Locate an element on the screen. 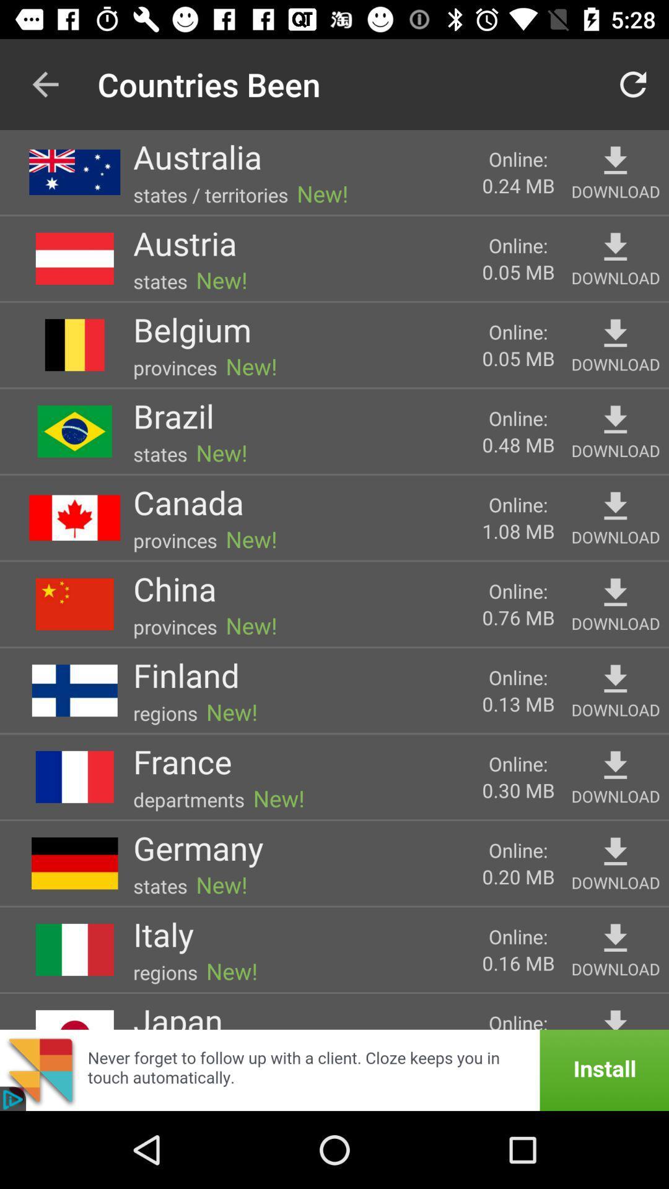 This screenshot has width=669, height=1189. icon to the left of new! is located at coordinates (197, 156).